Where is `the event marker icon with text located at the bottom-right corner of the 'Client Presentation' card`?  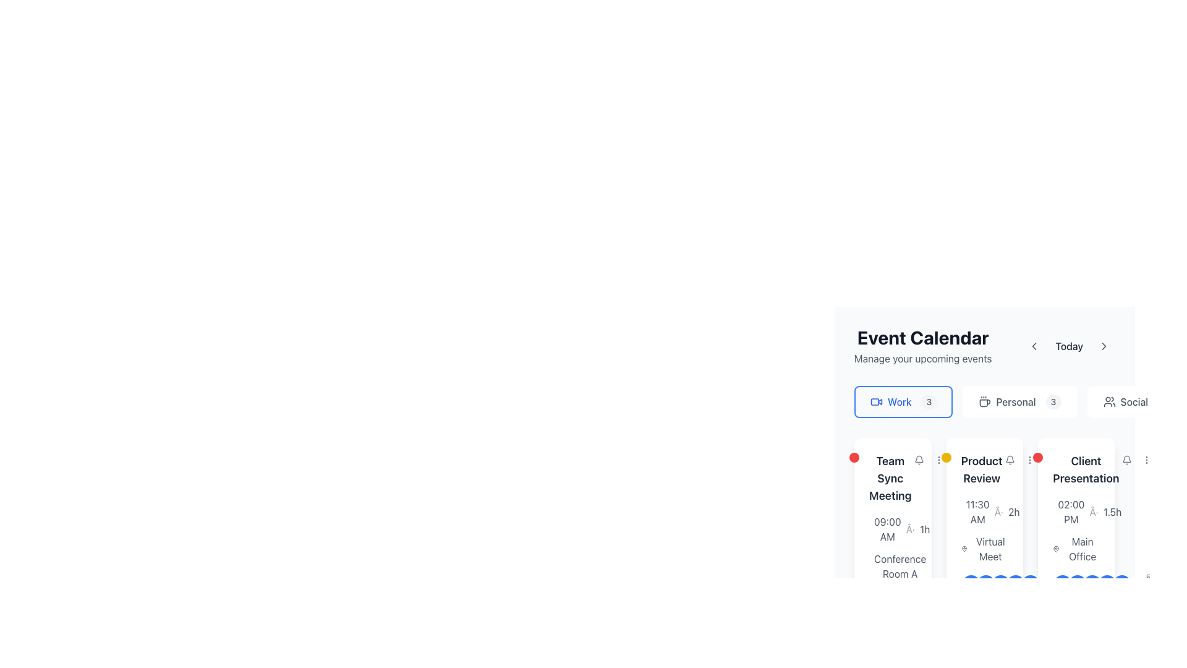 the event marker icon with text located at the bottom-right corner of the 'Client Presentation' card is located at coordinates (1092, 584).